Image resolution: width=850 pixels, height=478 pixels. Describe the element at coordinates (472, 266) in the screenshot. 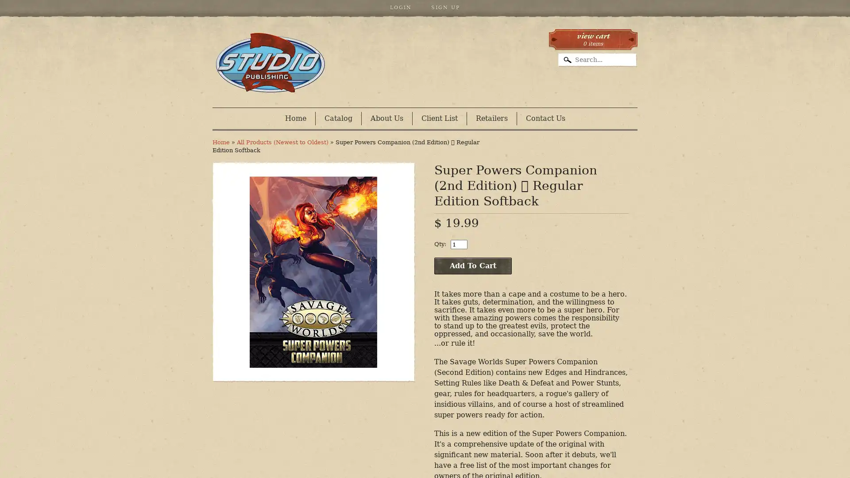

I see `Add To Cart` at that location.